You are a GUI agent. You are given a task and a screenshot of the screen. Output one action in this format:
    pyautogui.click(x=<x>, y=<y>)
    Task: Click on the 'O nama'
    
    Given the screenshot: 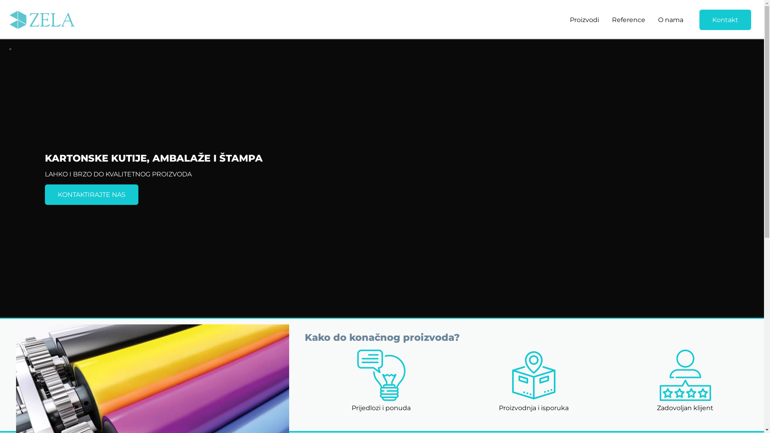 What is the action you would take?
    pyautogui.click(x=671, y=19)
    